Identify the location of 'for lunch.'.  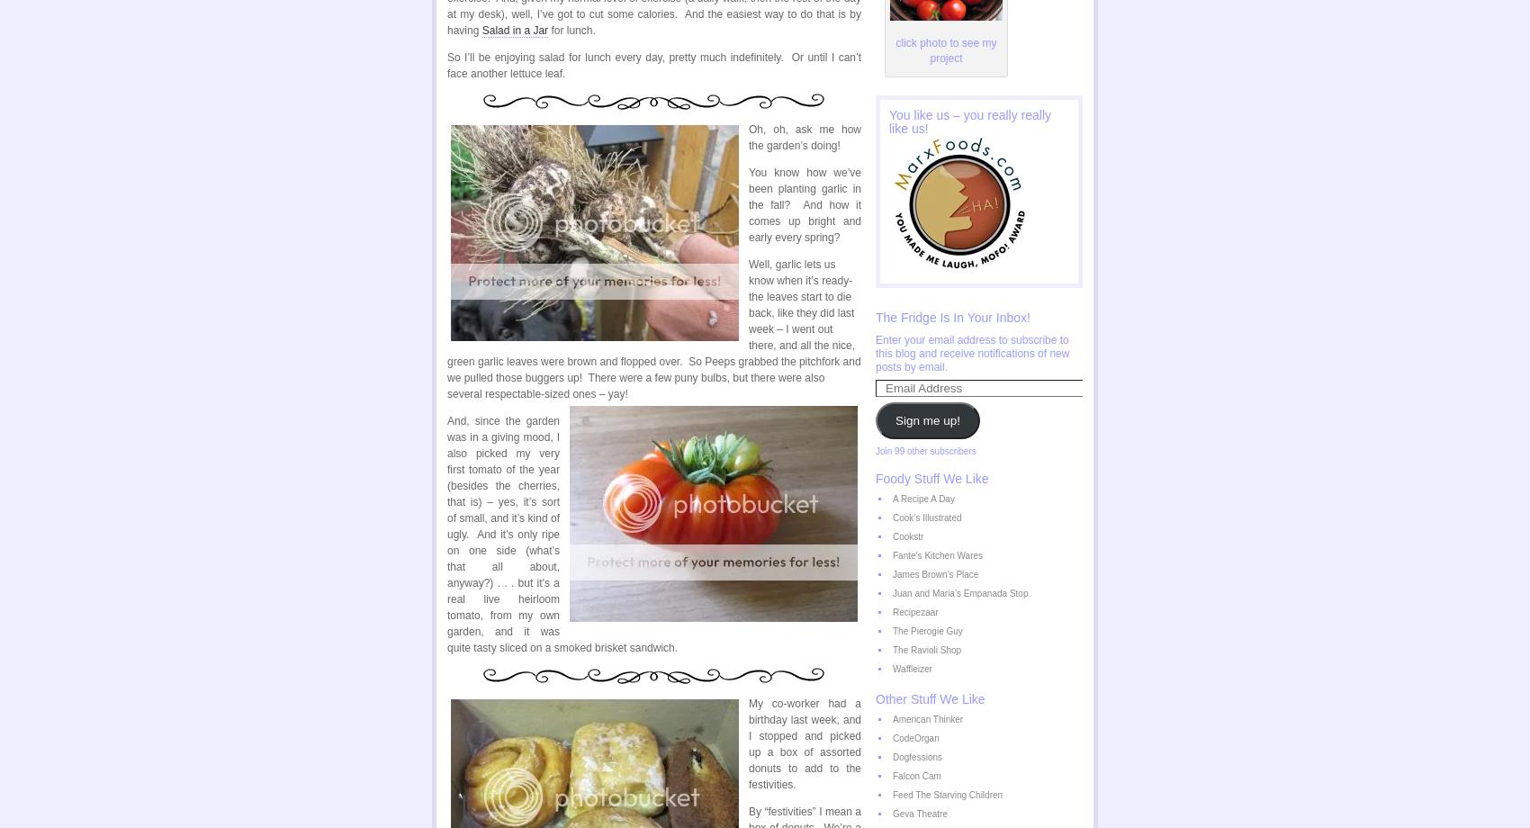
(570, 31).